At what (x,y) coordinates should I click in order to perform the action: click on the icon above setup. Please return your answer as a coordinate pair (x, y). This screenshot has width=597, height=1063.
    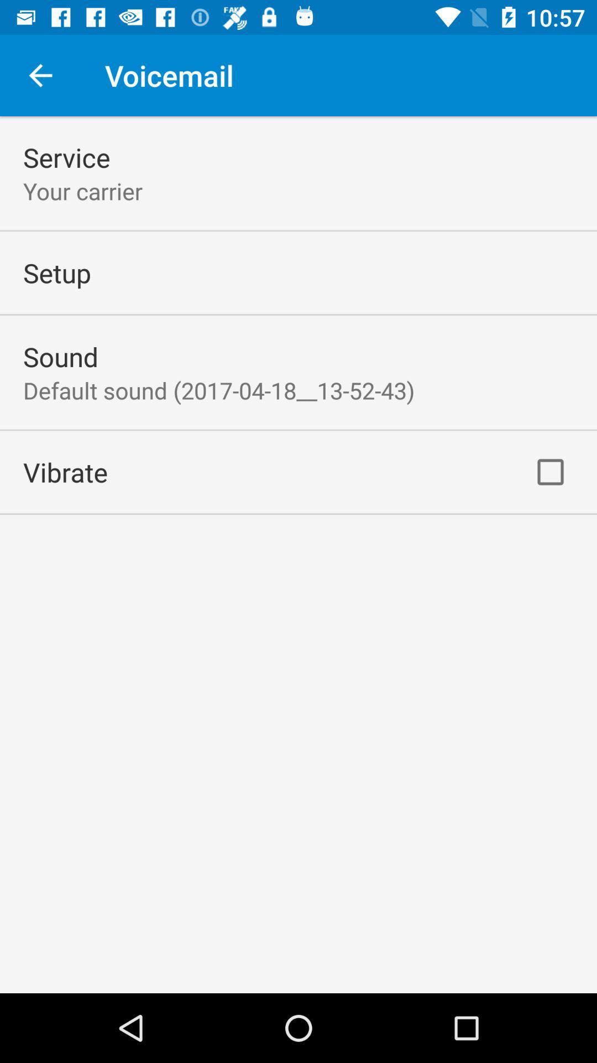
    Looking at the image, I should click on (82, 191).